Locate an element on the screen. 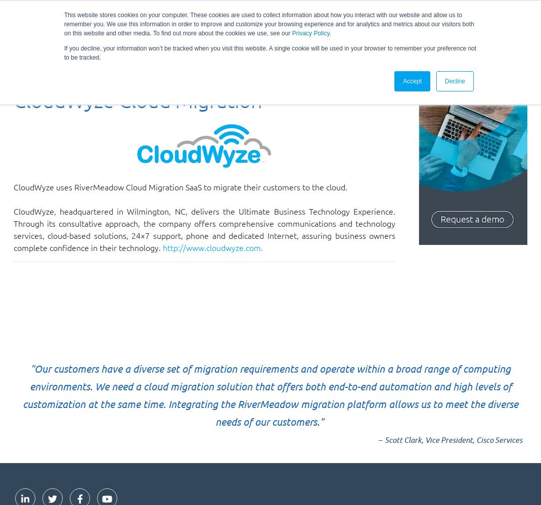 The image size is (541, 505). 'CloudWyze, headquartered in Wilmington, NC, delivers the Ultimate Business Technology Experience. Through its consultative approach, the company offers comprehensive communications and technology services, cloud-based solutions, 24×7 support, phone and dedicated Internet, assuring business owners complete confidence in their technology.' is located at coordinates (13, 229).